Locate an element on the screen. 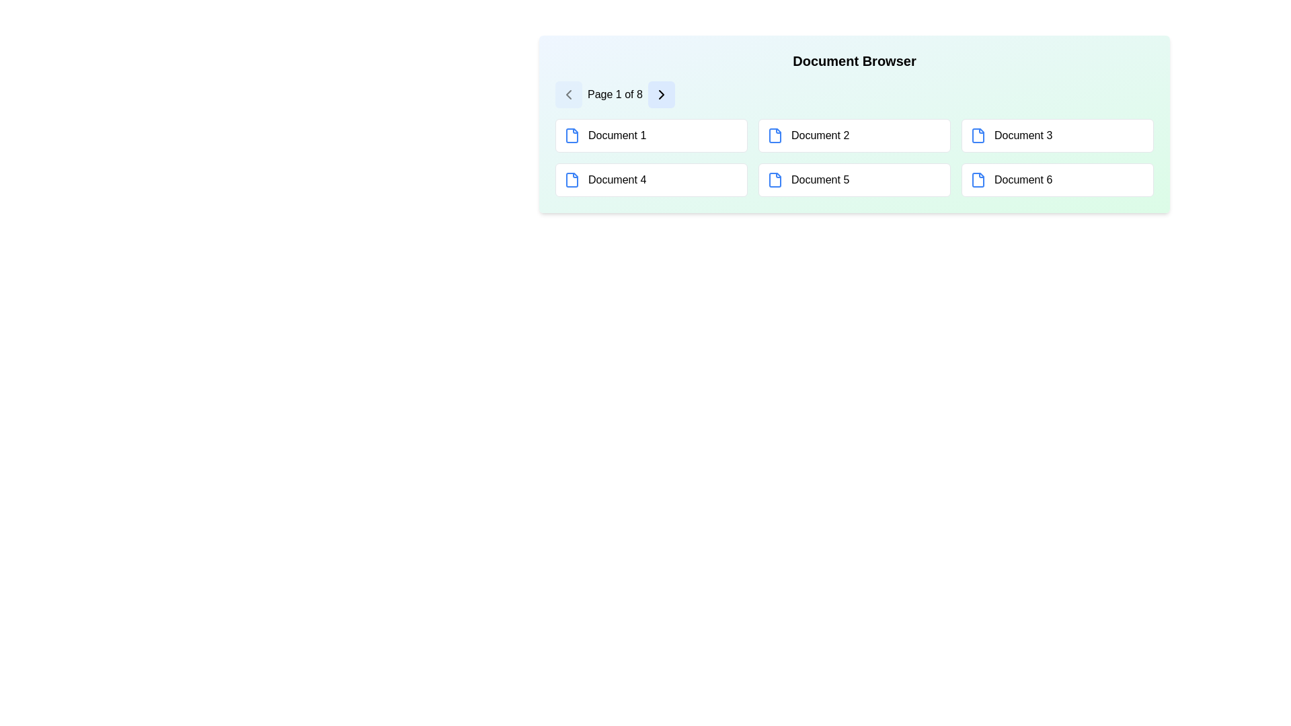 The height and width of the screenshot is (726, 1291). the white document icon with a blue border is located at coordinates (572, 179).